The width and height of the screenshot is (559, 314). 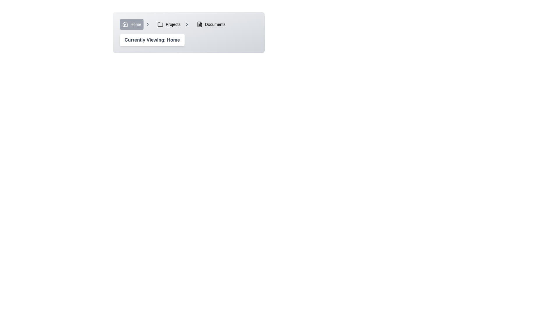 I want to click on the folder icon in the breadcrumb navigation bar, so click(x=160, y=24).